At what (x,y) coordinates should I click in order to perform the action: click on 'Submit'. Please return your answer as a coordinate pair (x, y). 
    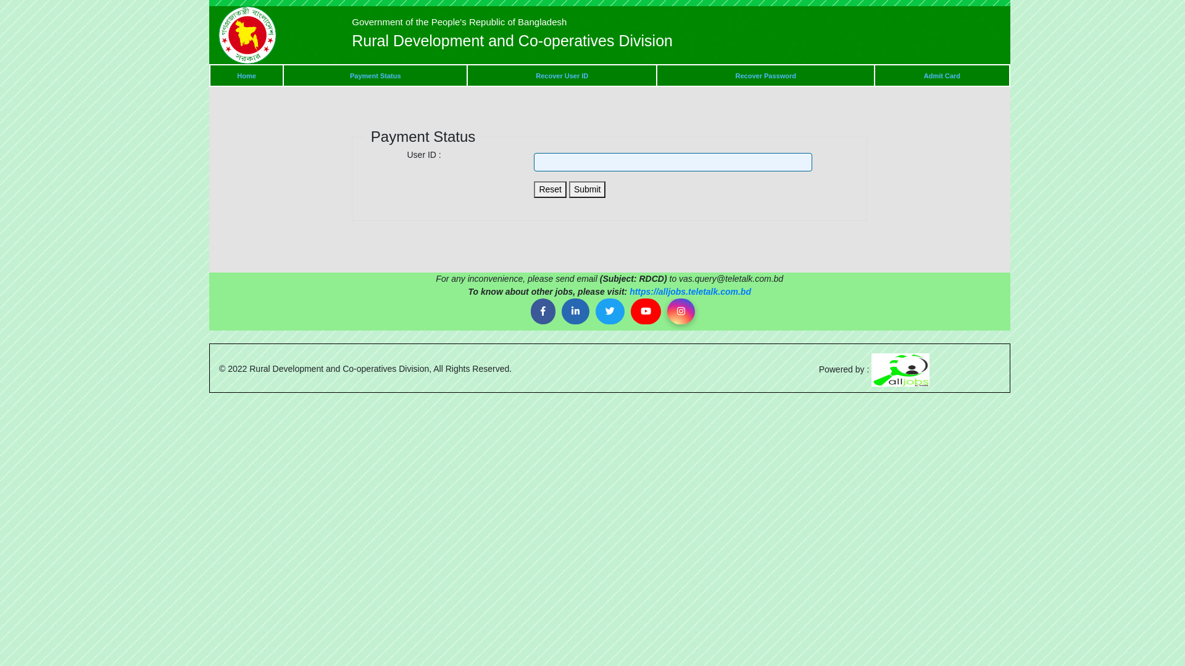
    Looking at the image, I should click on (586, 189).